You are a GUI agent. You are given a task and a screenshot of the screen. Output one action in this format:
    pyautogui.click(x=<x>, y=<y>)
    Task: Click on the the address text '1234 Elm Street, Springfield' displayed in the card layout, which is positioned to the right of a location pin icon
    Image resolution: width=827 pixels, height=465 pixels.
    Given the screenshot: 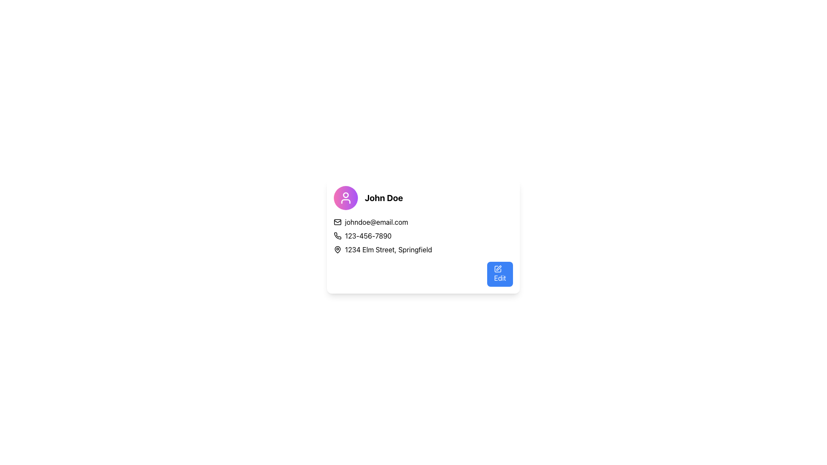 What is the action you would take?
    pyautogui.click(x=388, y=249)
    